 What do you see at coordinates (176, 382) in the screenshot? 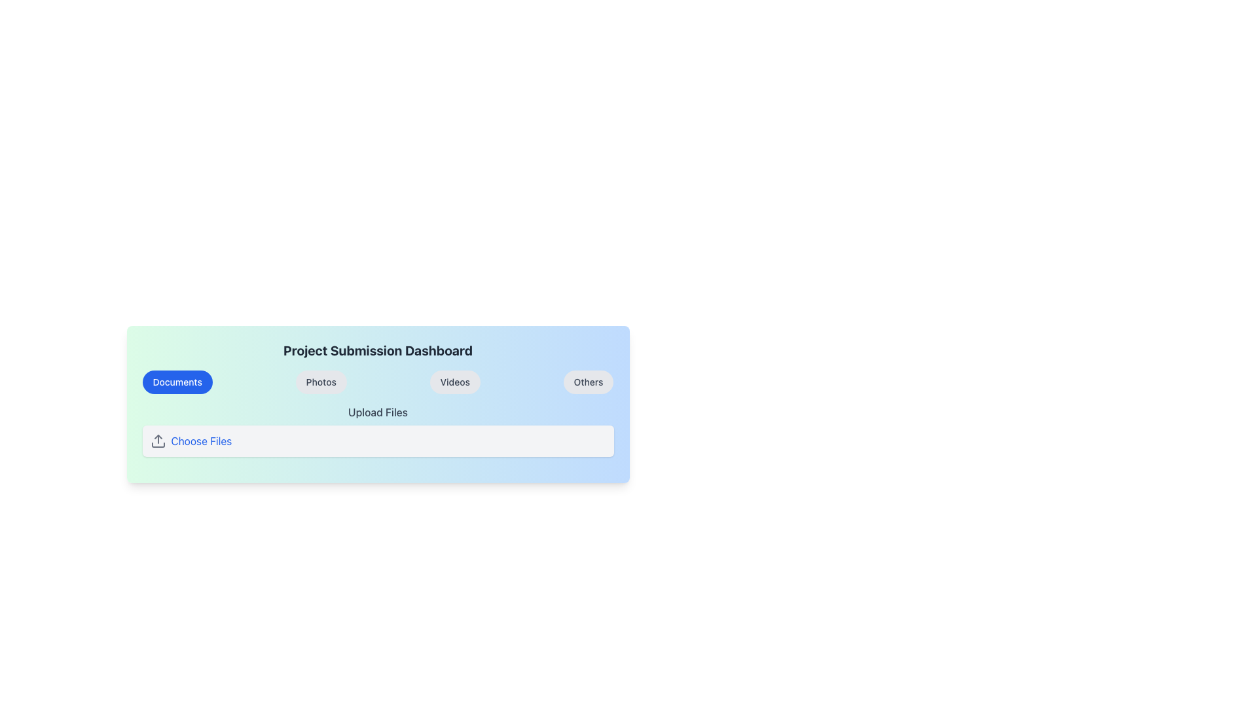
I see `the 'Documents' button located at the top-left corner of the button group` at bounding box center [176, 382].